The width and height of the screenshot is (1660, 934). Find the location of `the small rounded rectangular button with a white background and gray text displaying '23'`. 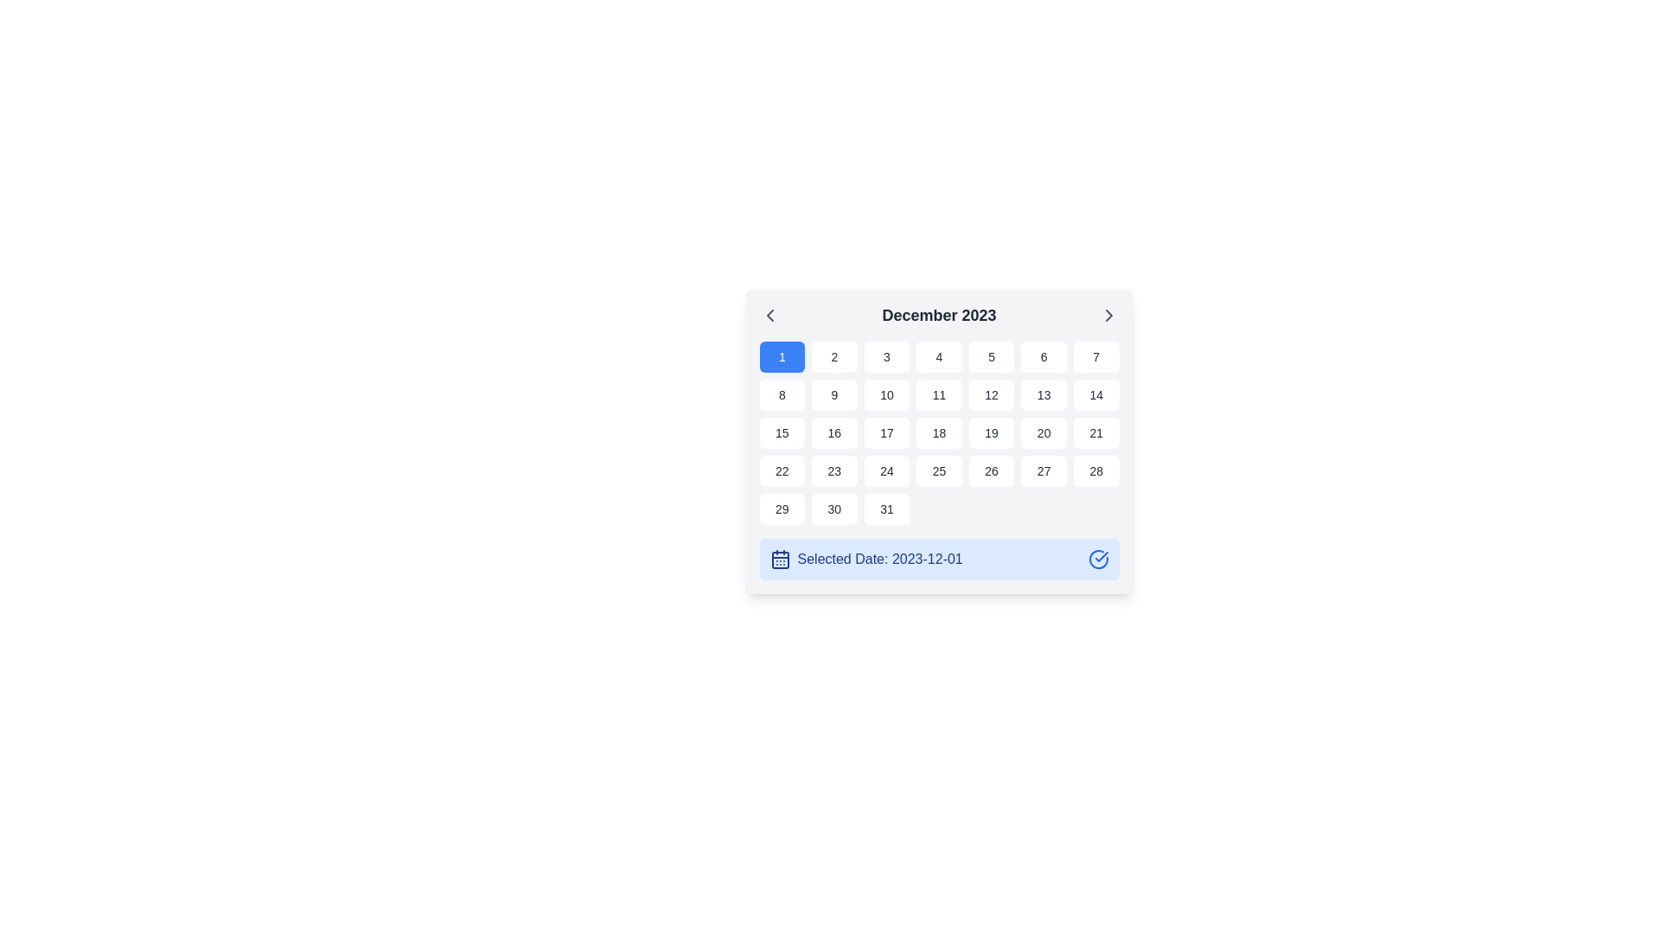

the small rounded rectangular button with a white background and gray text displaying '23' is located at coordinates (834, 470).